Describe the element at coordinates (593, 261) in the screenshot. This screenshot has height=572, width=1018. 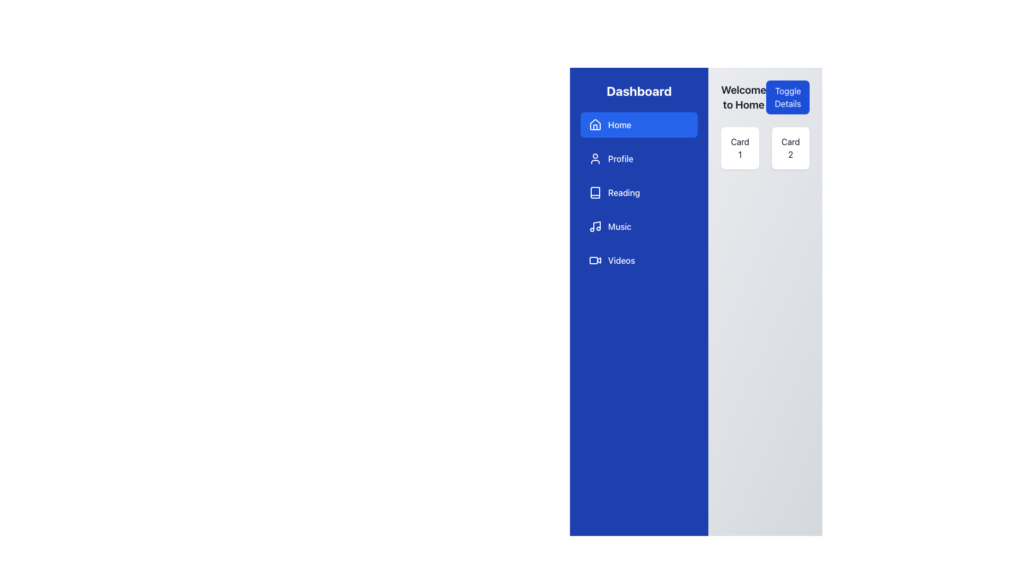
I see `the blue rectangular shape with rounded corners that represents the video icon under the 'Videos' menu option in the sidebar` at that location.